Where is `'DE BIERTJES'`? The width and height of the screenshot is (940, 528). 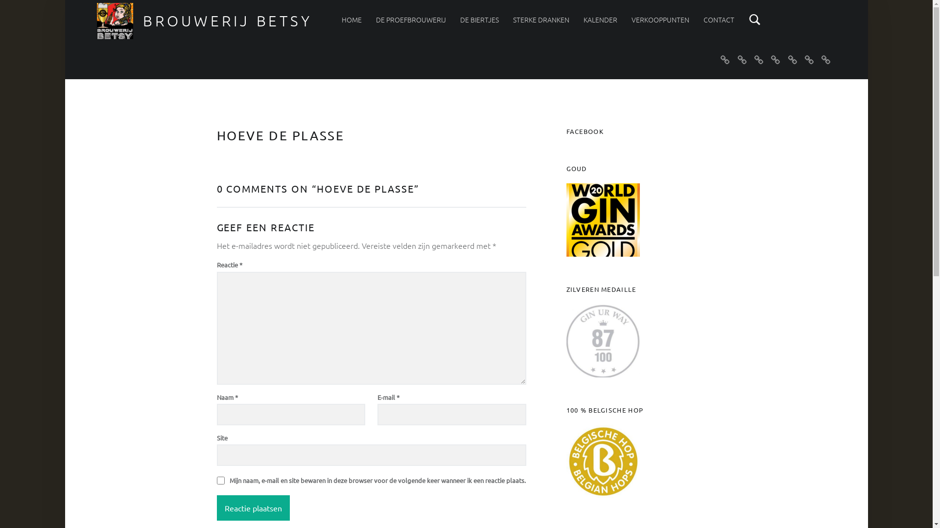 'DE BIERTJES' is located at coordinates (460, 19).